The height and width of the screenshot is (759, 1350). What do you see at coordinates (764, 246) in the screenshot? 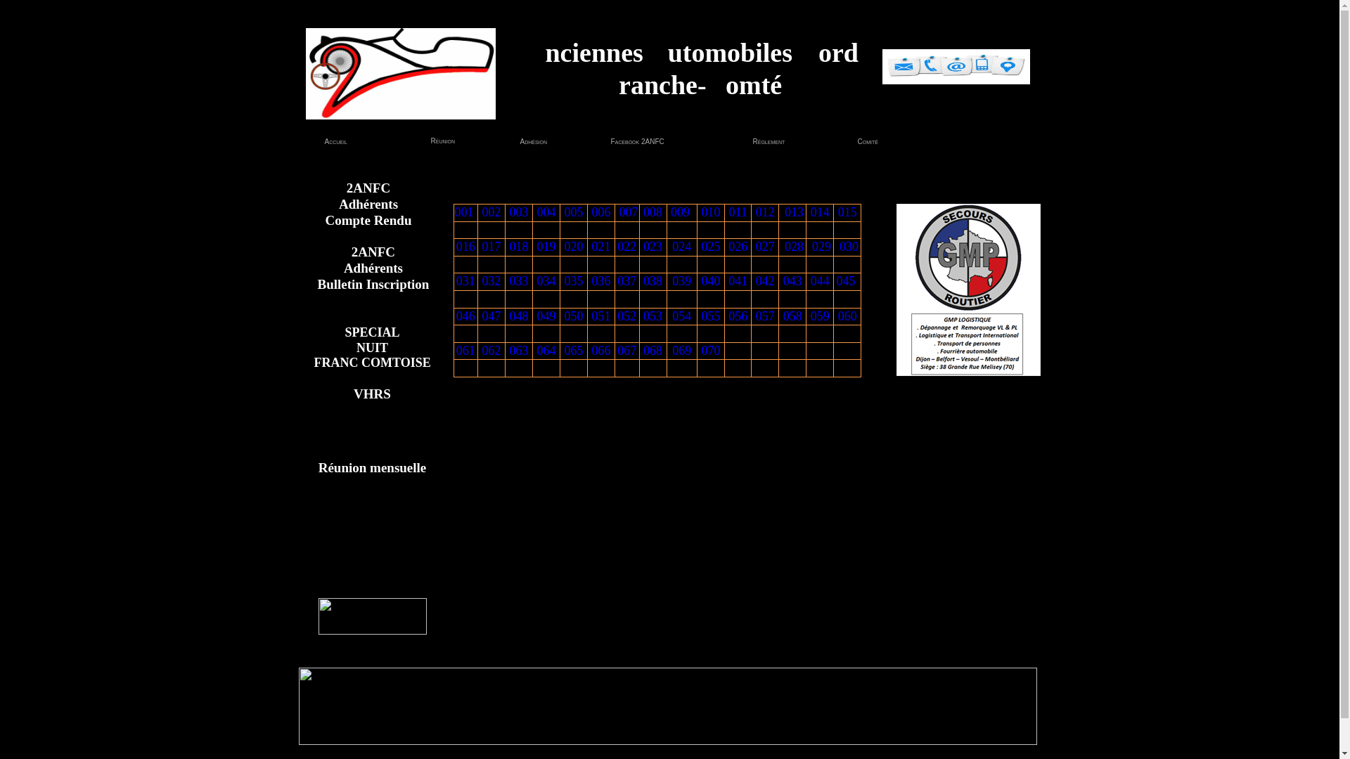
I see `'027'` at bounding box center [764, 246].